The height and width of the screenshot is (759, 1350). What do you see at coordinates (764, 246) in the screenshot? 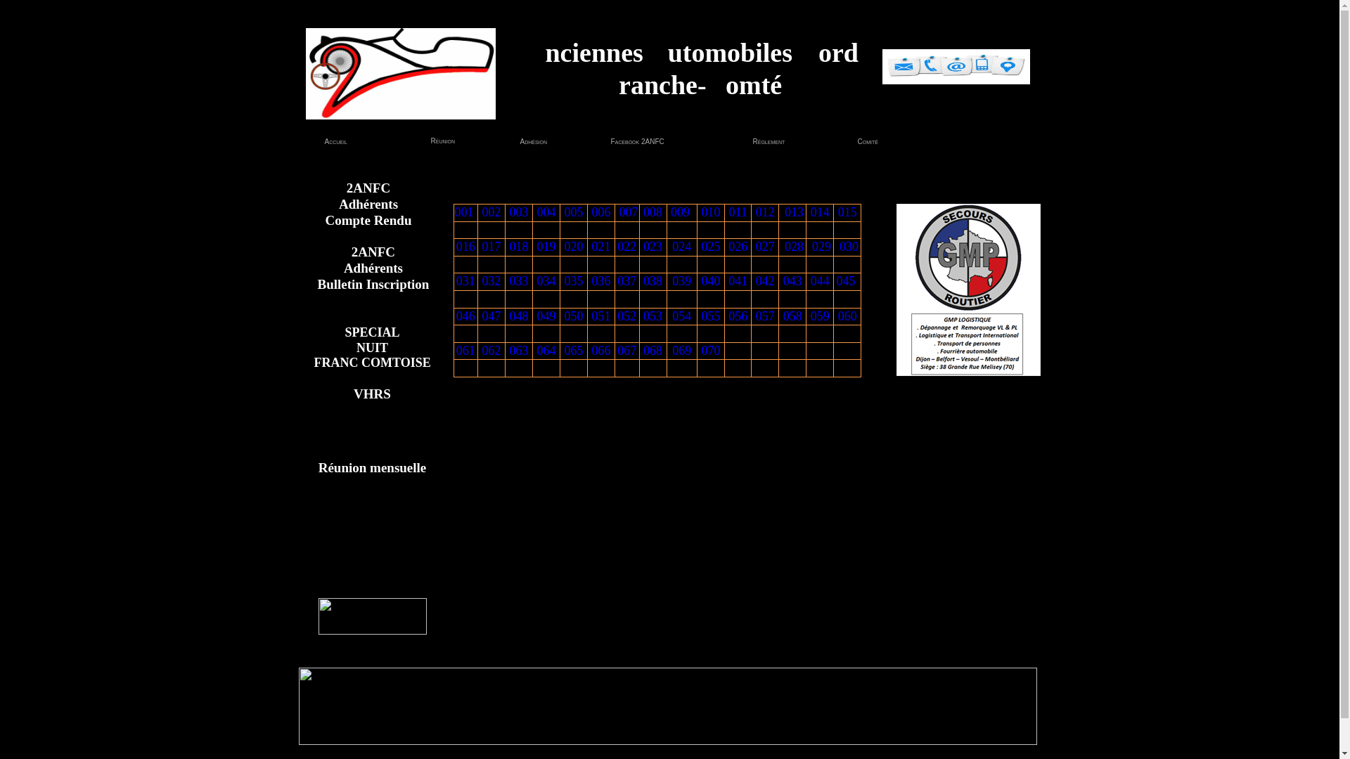
I see `'027'` at bounding box center [764, 246].